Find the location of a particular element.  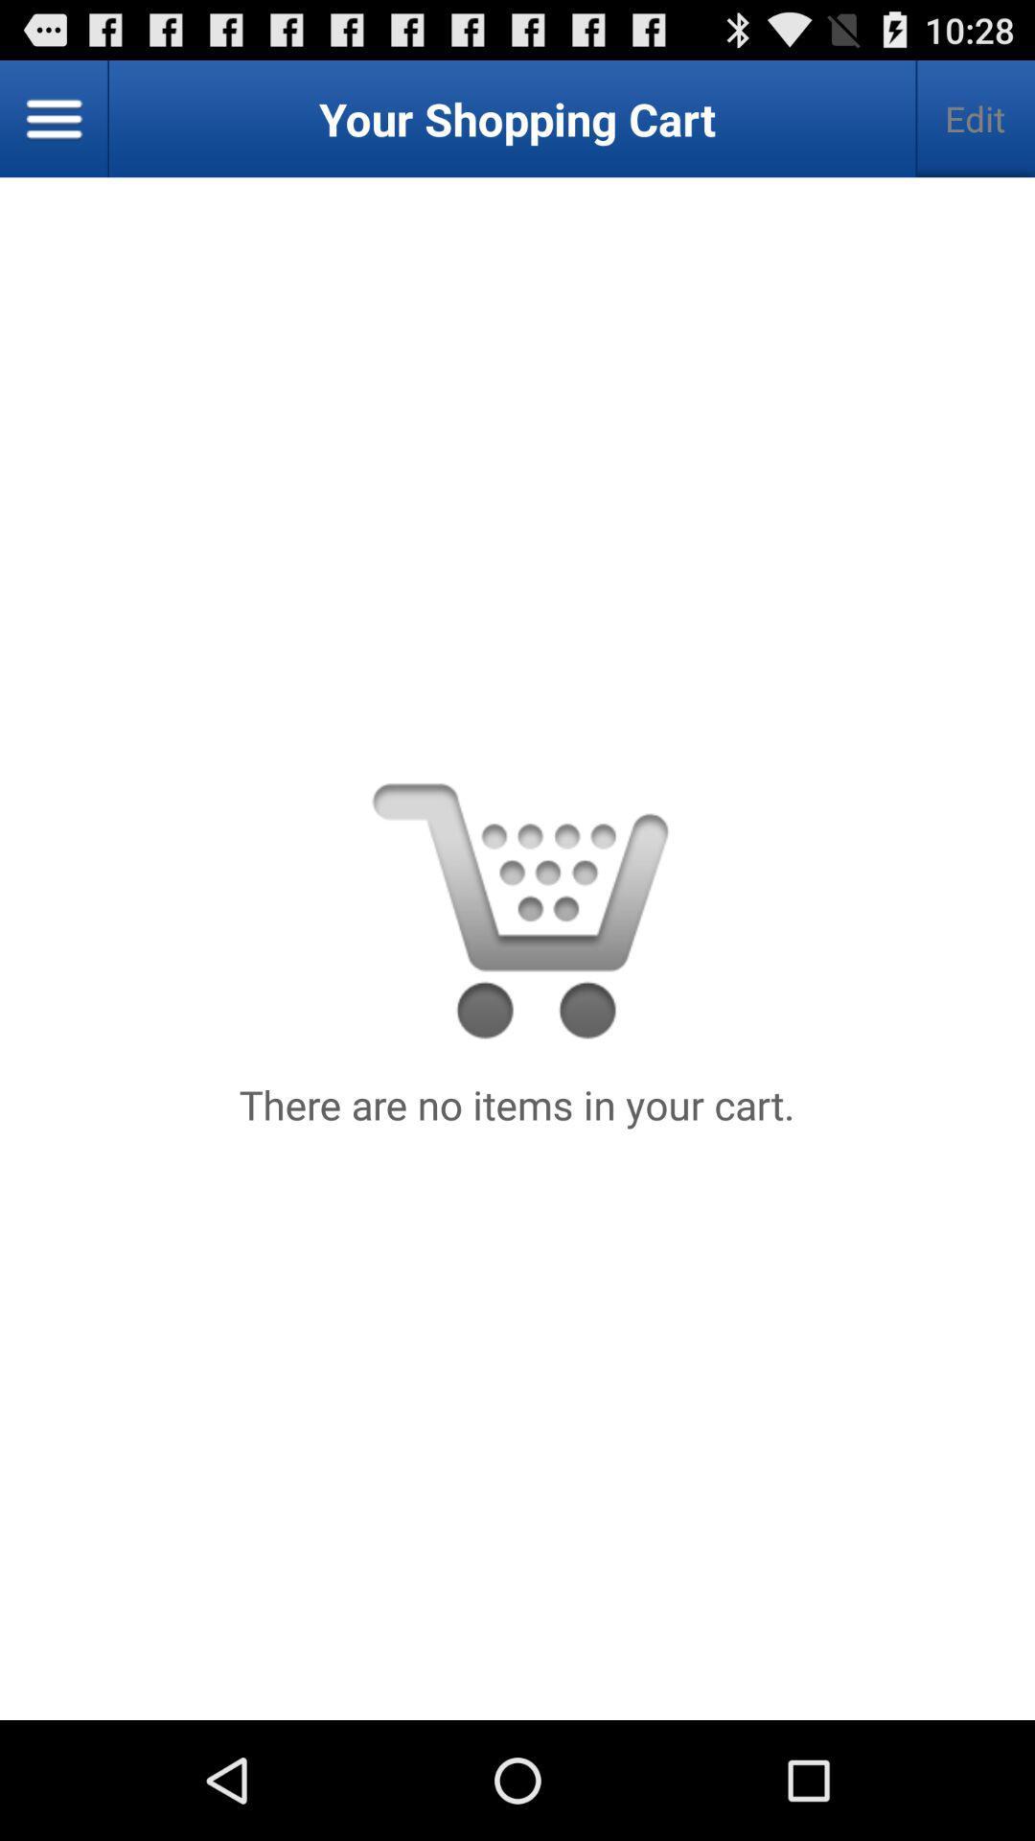

the button next to the edit button is located at coordinates (54, 118).